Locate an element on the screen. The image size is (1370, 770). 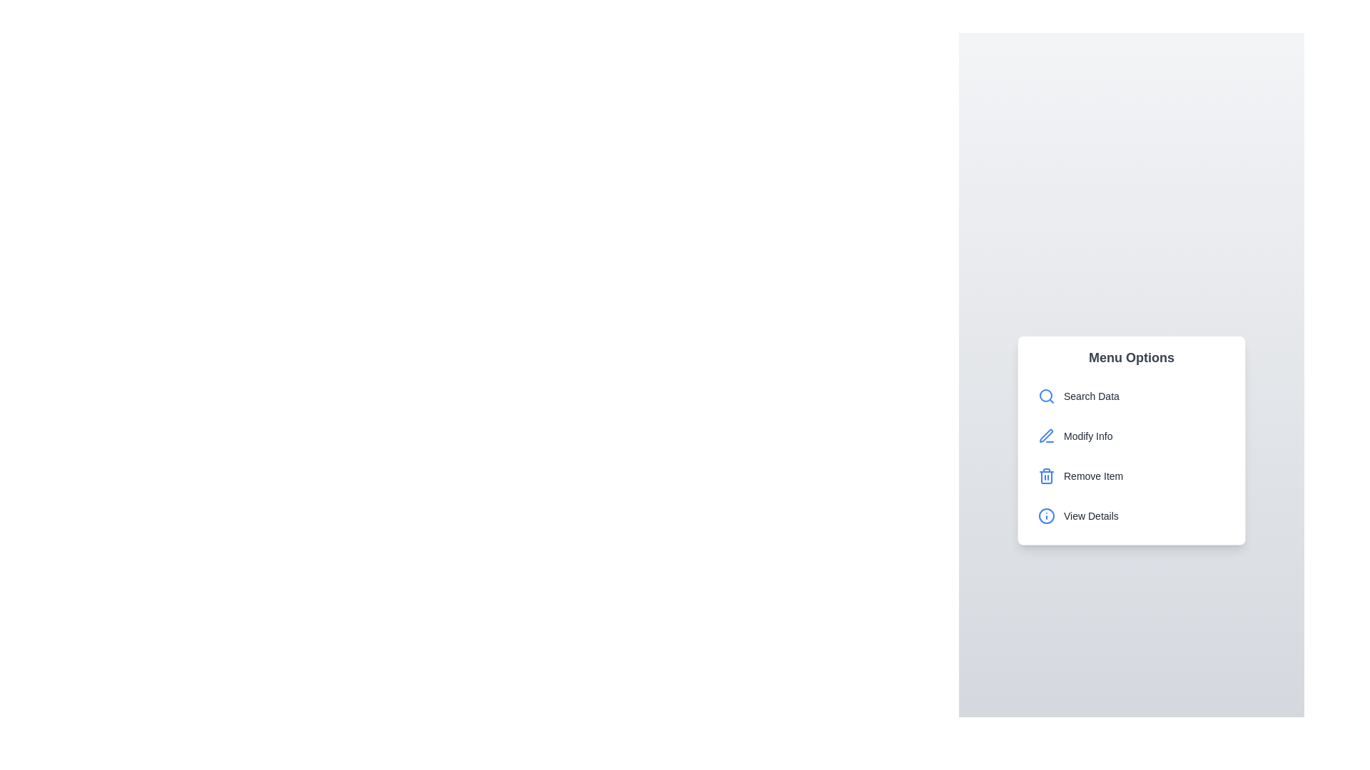
the blue ring circular icon located in the bottom-right menu panel of the interface, which is the outermost circle of the SVG element is located at coordinates (1047, 516).